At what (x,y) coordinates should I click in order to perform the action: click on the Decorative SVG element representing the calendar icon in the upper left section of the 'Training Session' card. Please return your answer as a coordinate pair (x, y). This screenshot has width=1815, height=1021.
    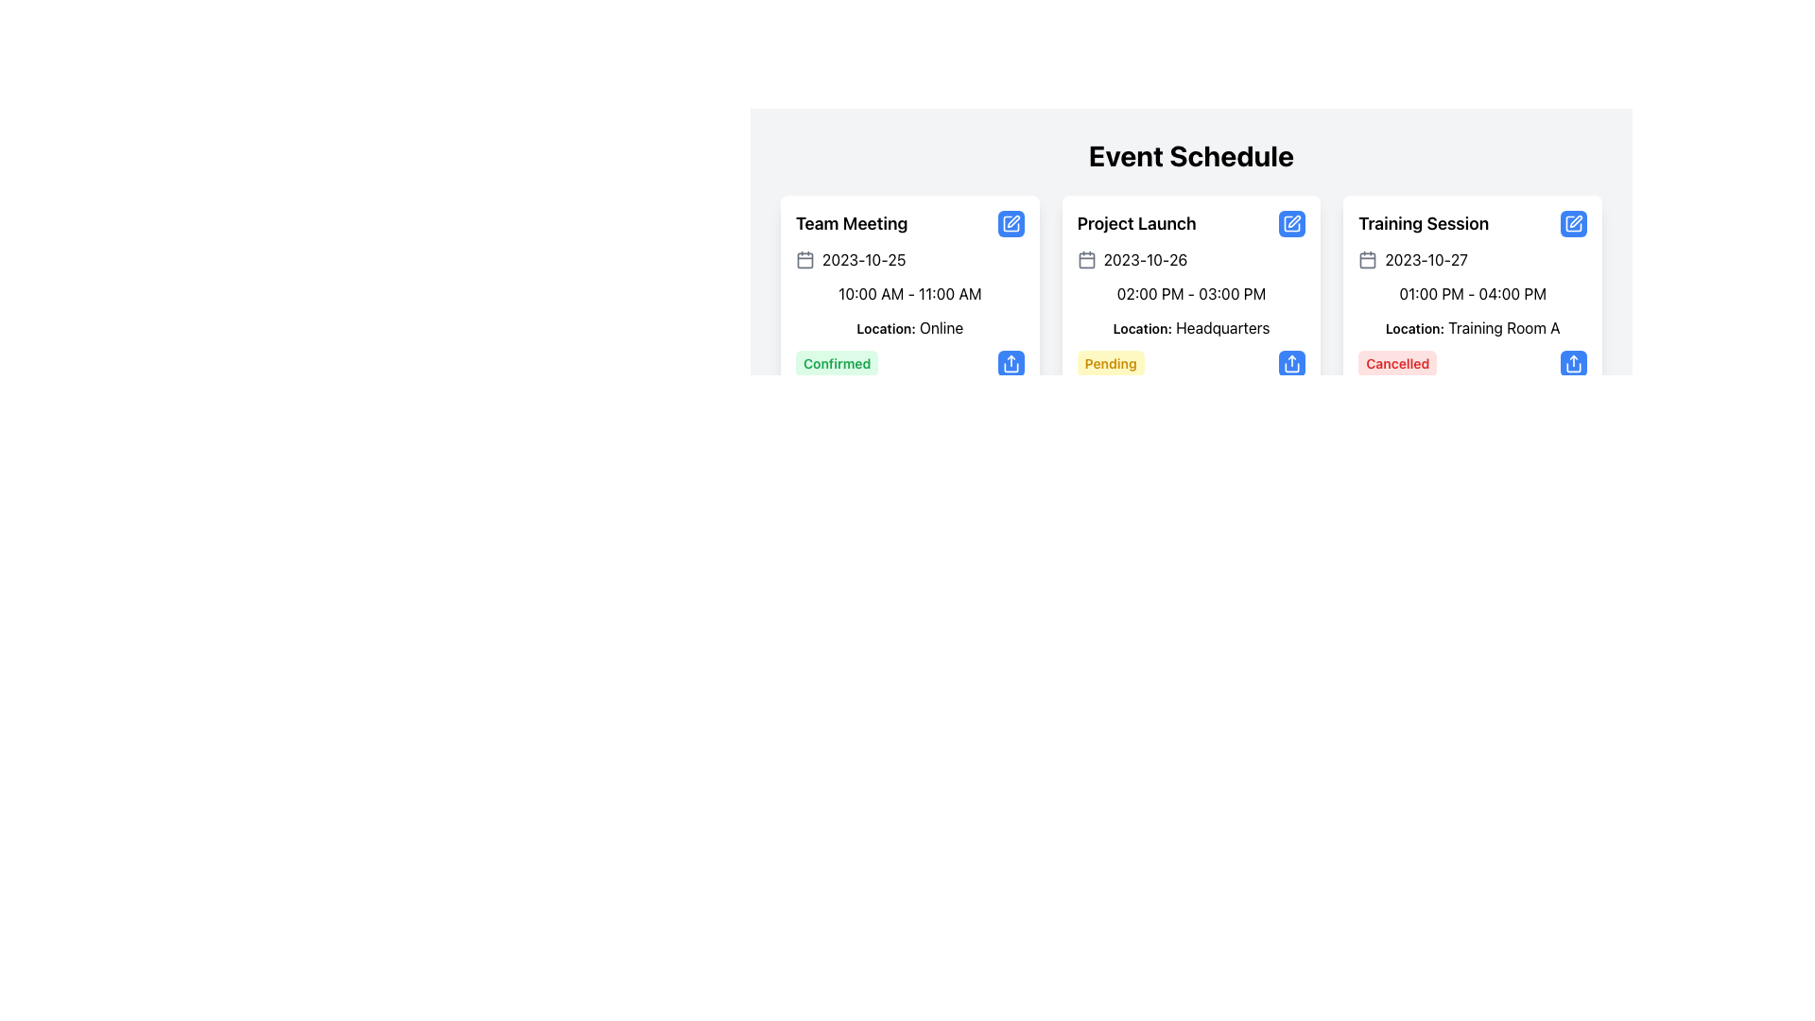
    Looking at the image, I should click on (1368, 260).